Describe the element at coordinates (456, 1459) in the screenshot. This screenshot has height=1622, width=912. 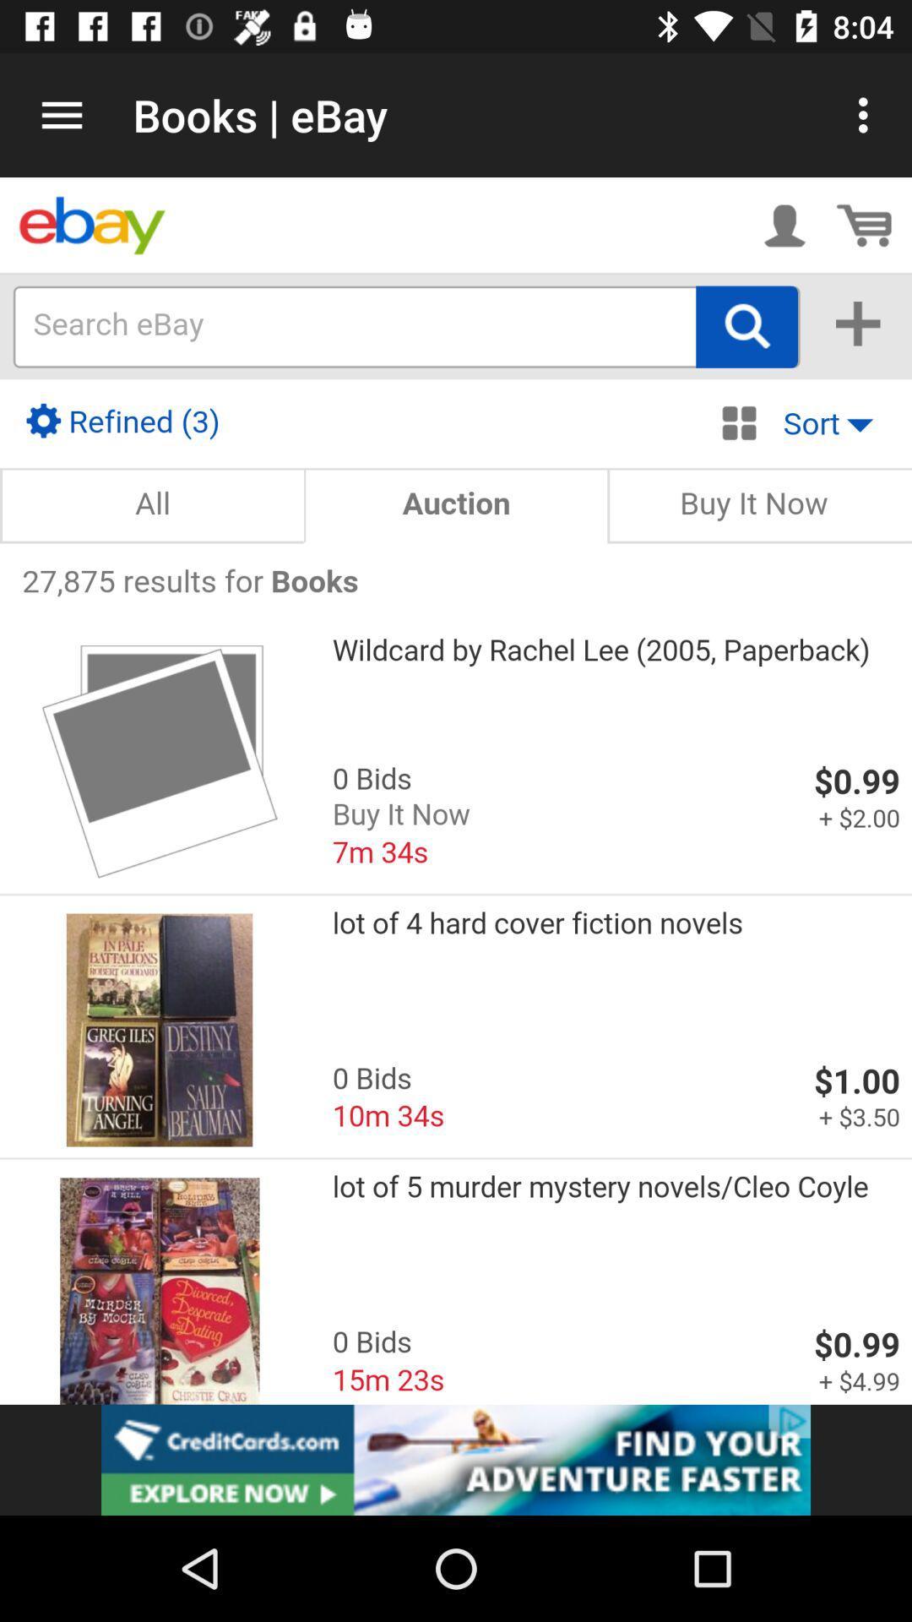
I see `advertise banner` at that location.